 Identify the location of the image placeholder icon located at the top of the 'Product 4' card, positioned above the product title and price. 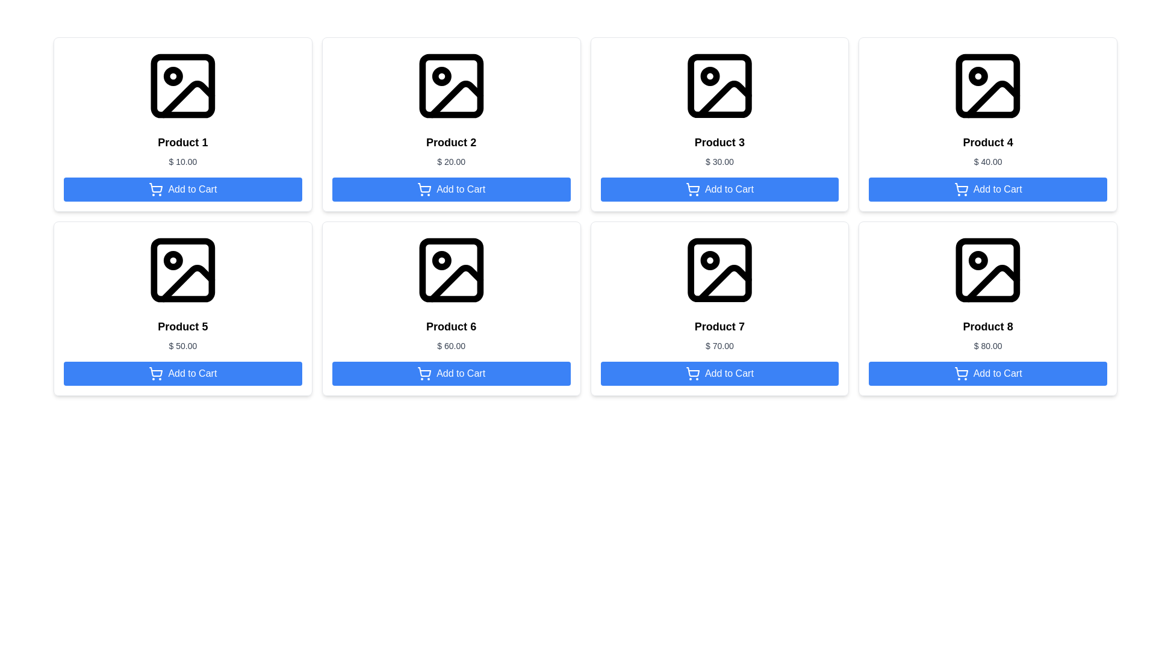
(988, 85).